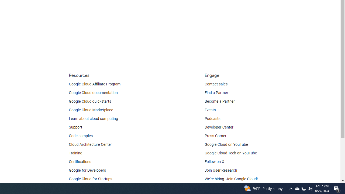  I want to click on 'Support', so click(75, 127).